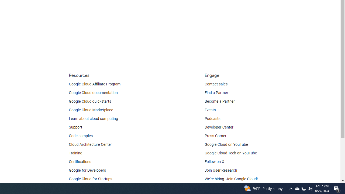  I want to click on 'Support', so click(75, 127).